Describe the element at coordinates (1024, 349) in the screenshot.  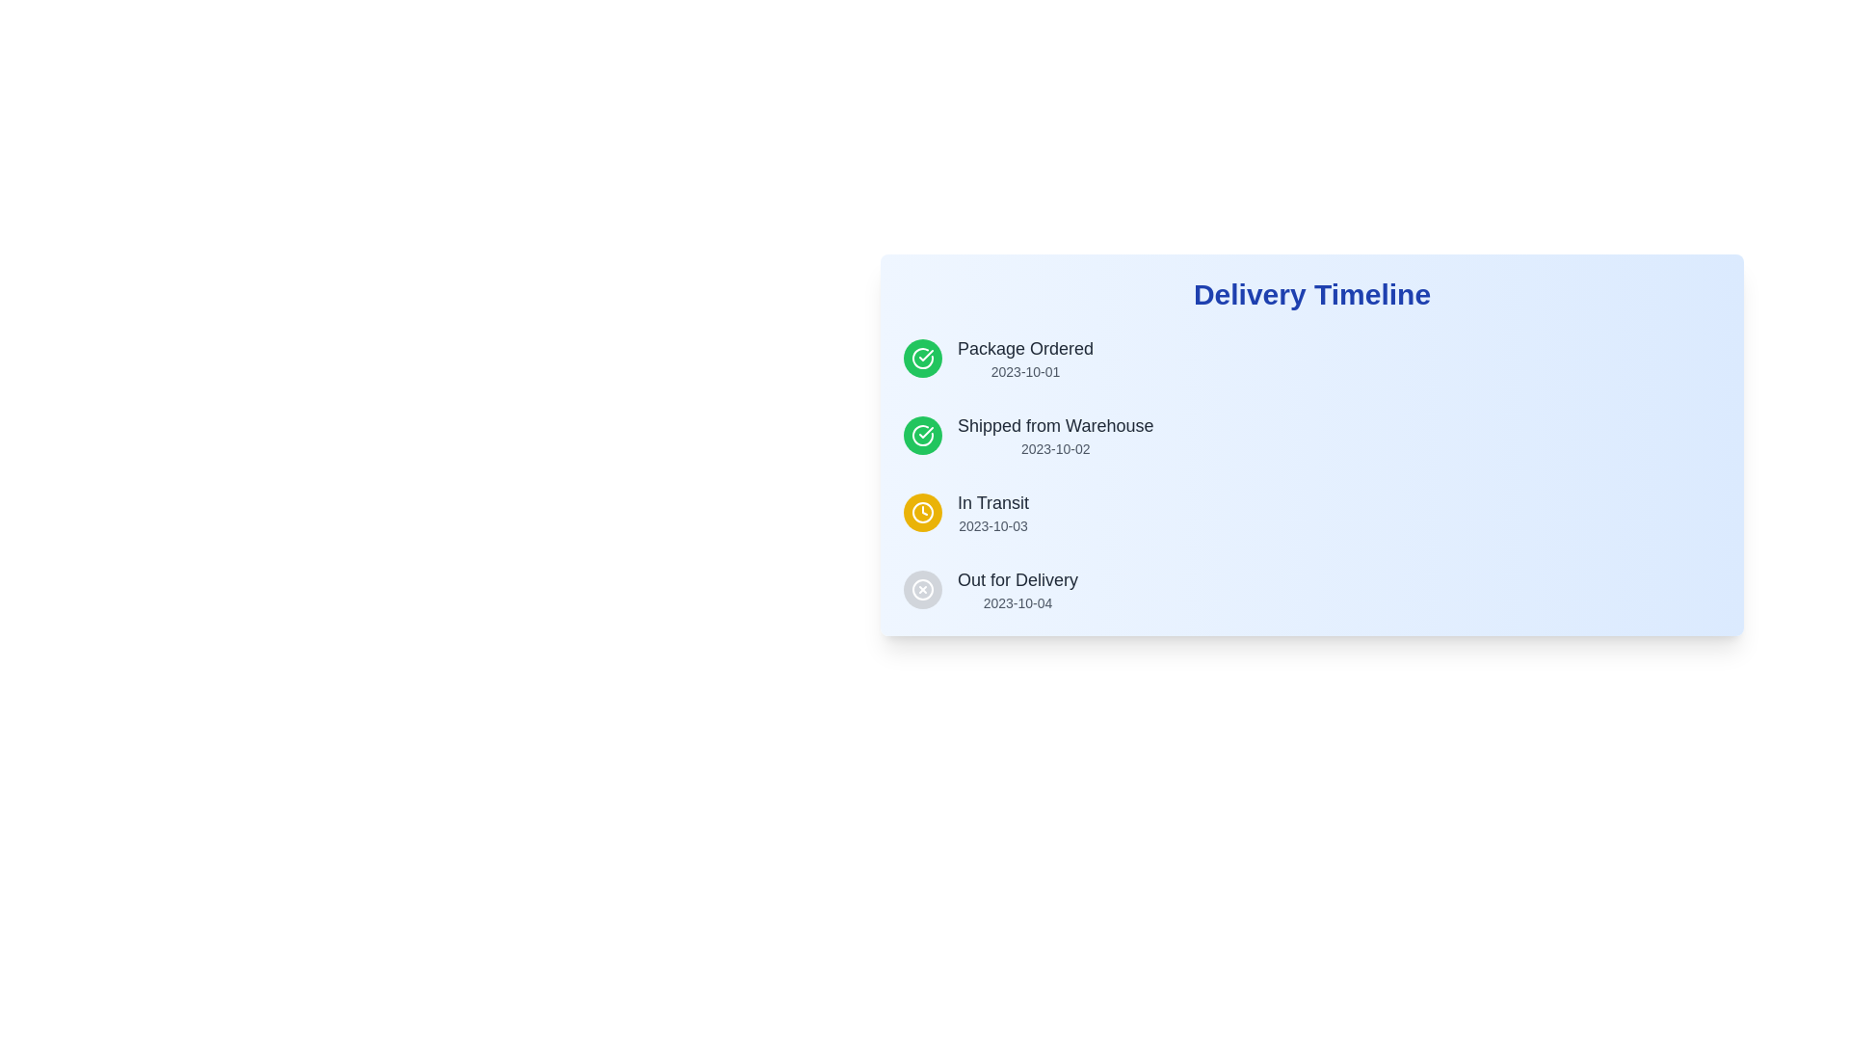
I see `the 'Package Ordered' text label in the delivery timeline, which is positioned below a green checkmark icon and above the date '2023-10-01'` at that location.